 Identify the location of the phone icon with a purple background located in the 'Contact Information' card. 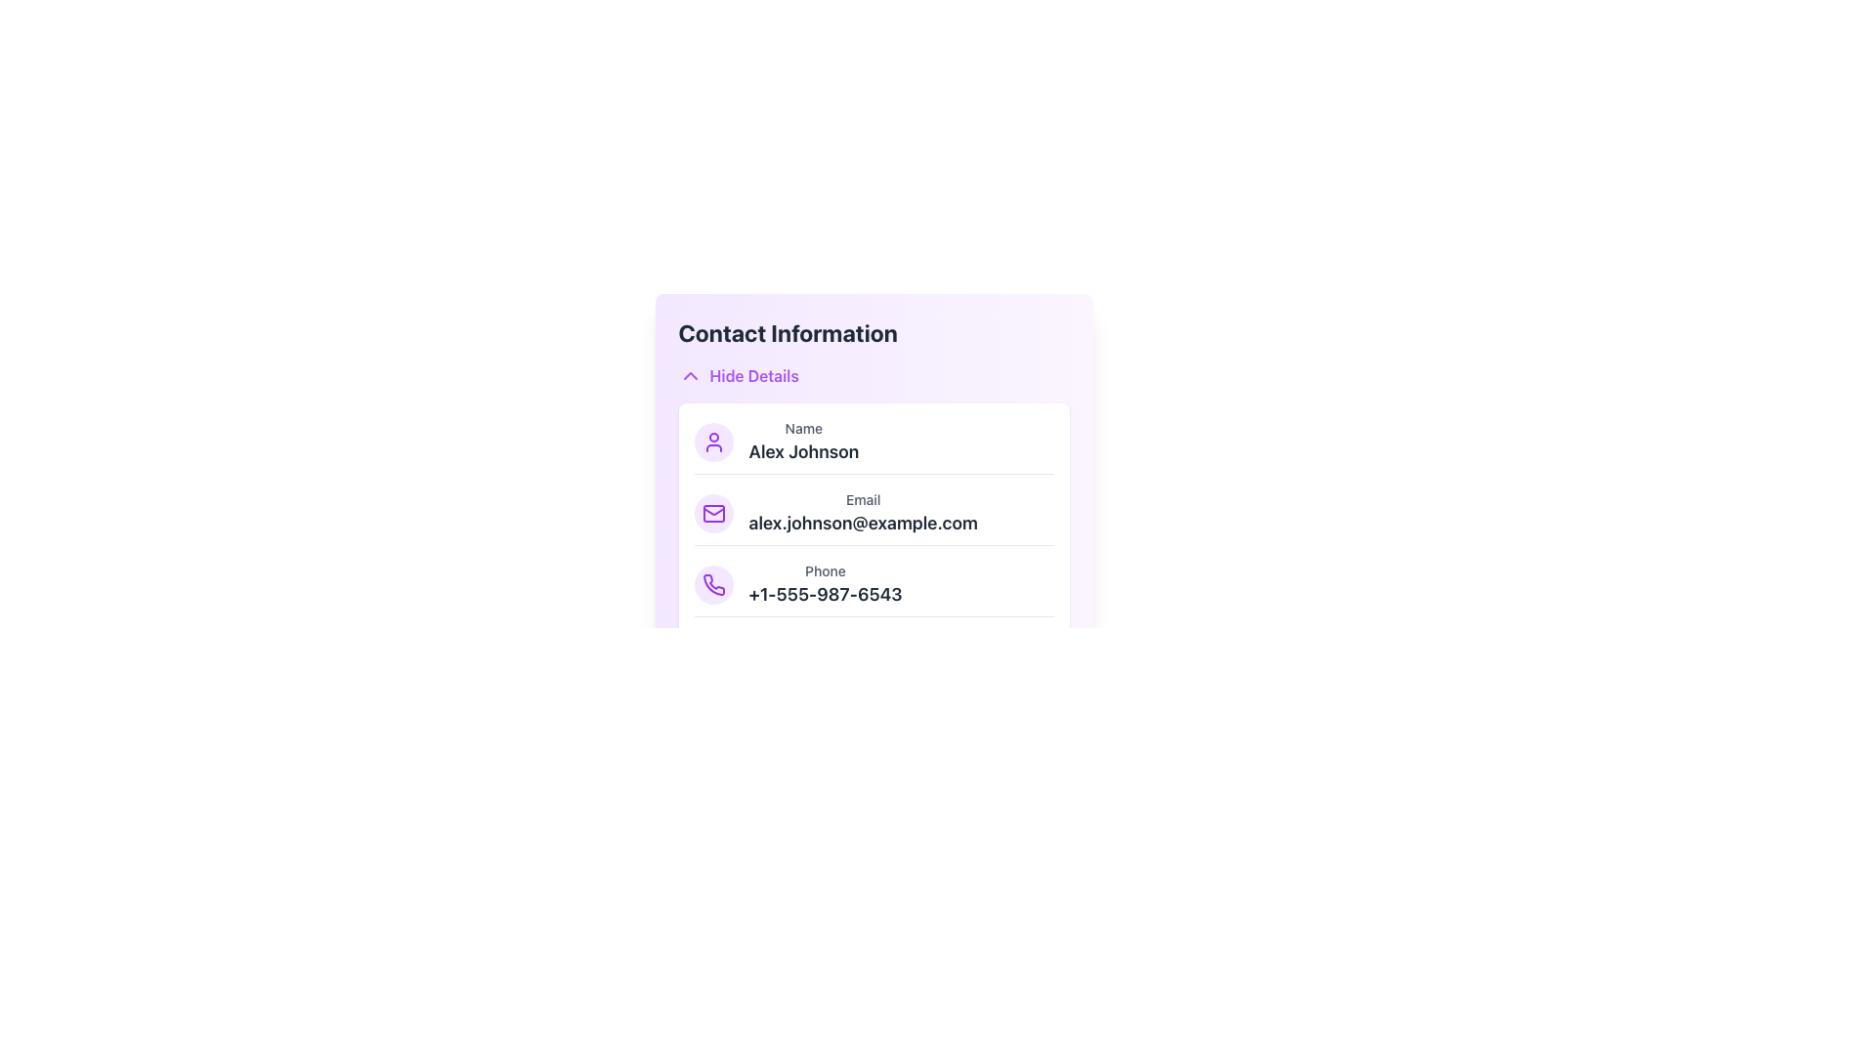
(712, 583).